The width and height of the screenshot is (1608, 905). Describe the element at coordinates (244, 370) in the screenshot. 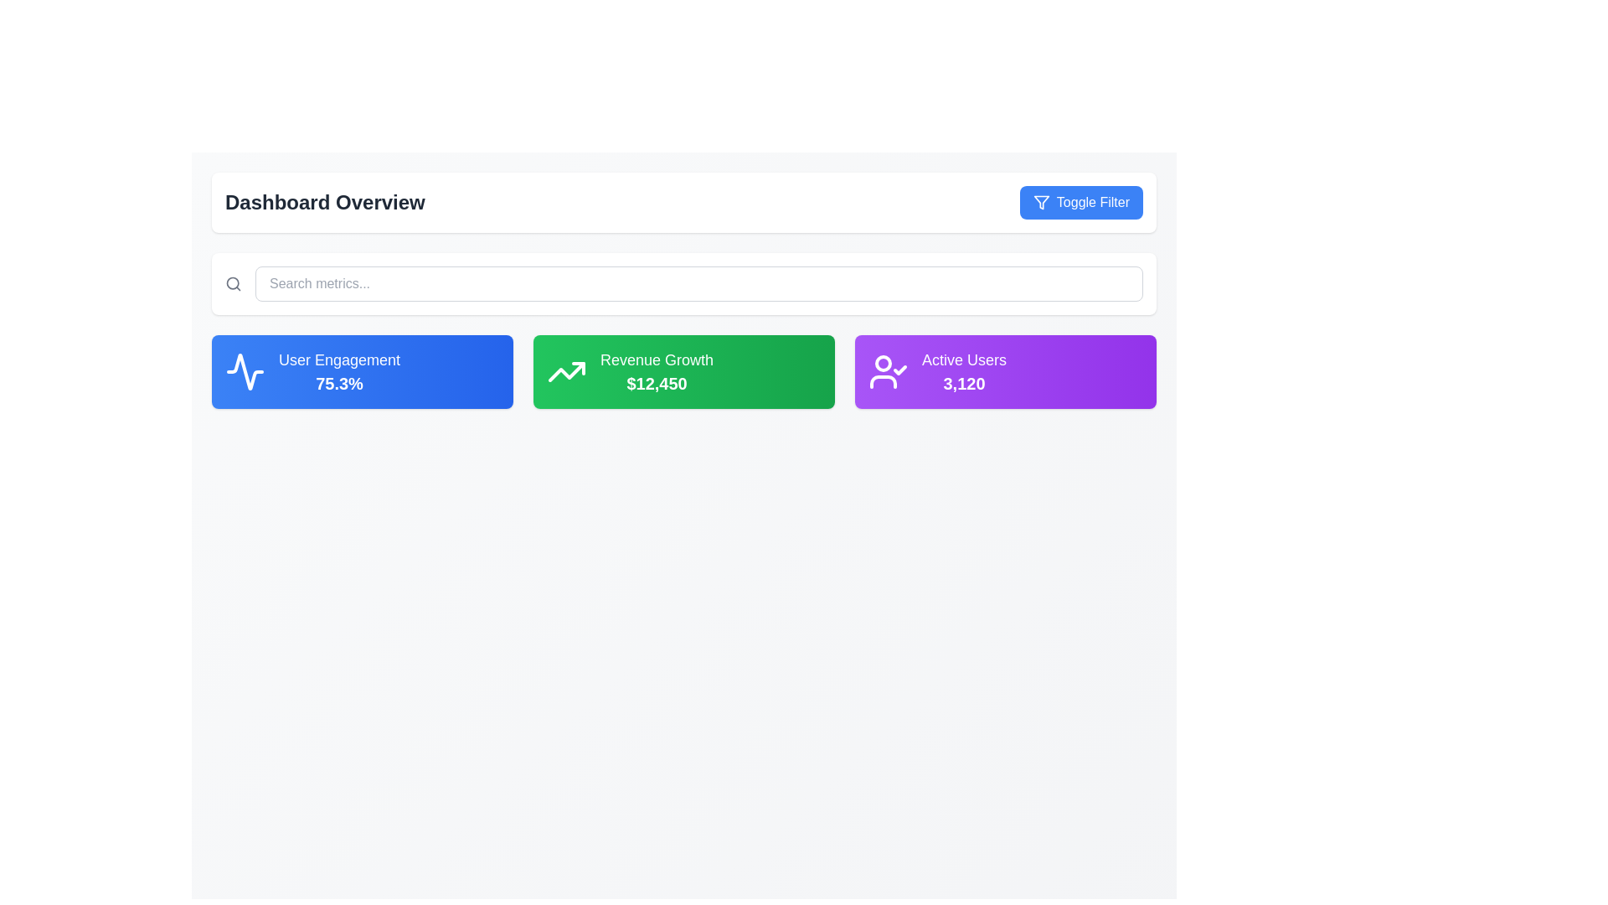

I see `the SVG graphic (line graph icon) within the blue rectangle labeled 'User Engagement 75.3%'` at that location.